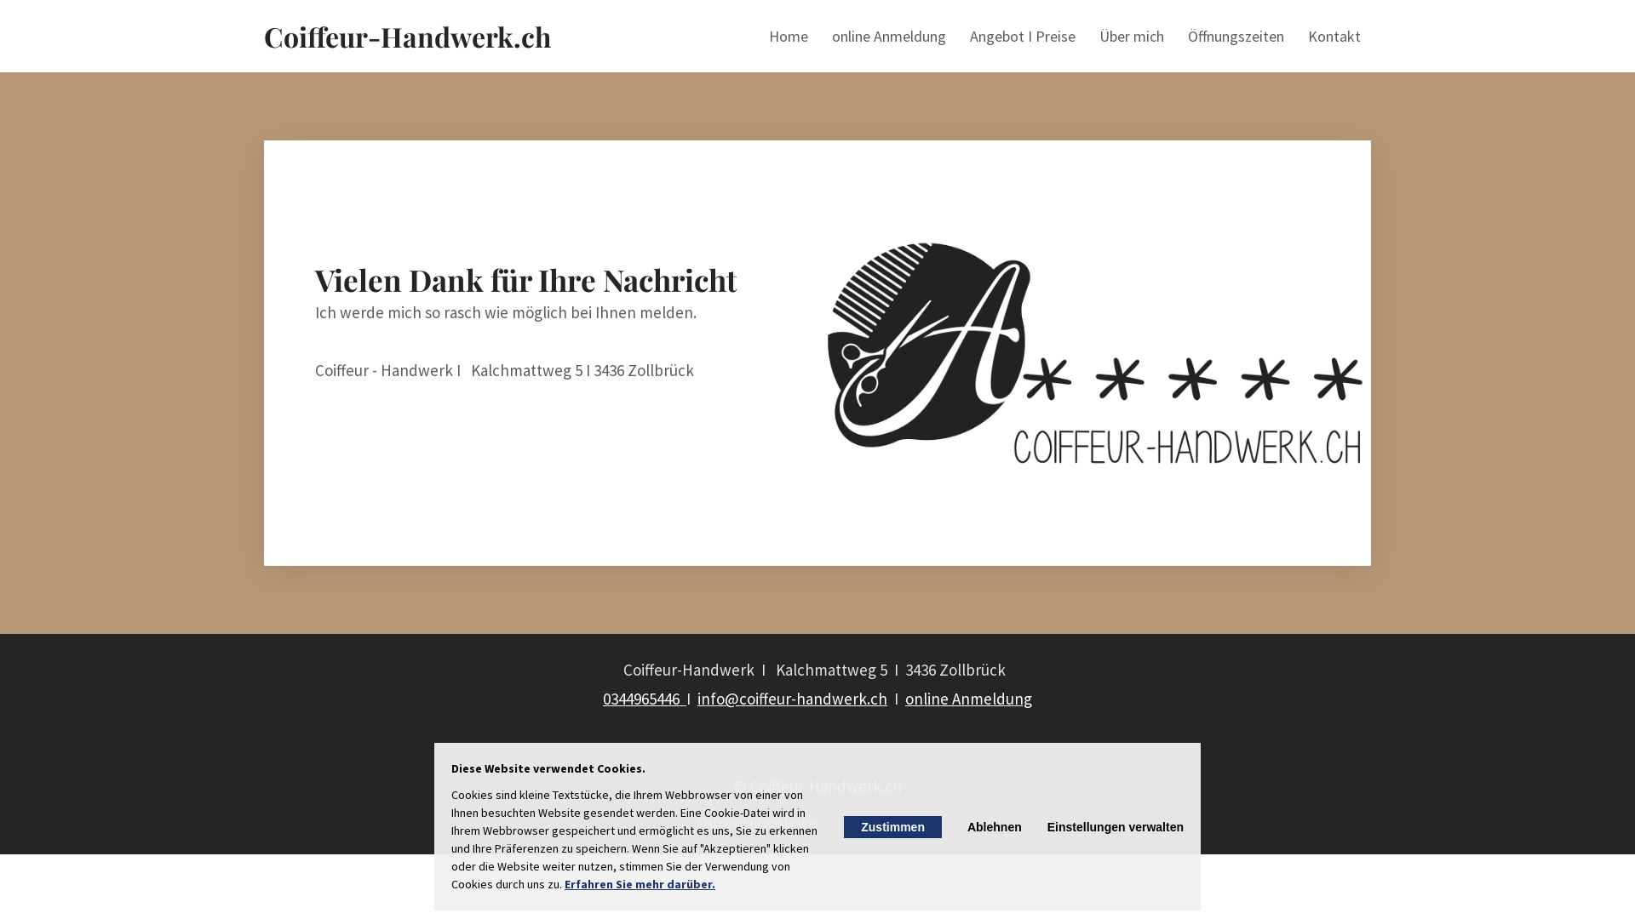 This screenshot has height=919, width=1635. I want to click on 'Zustimmen', so click(843, 825).